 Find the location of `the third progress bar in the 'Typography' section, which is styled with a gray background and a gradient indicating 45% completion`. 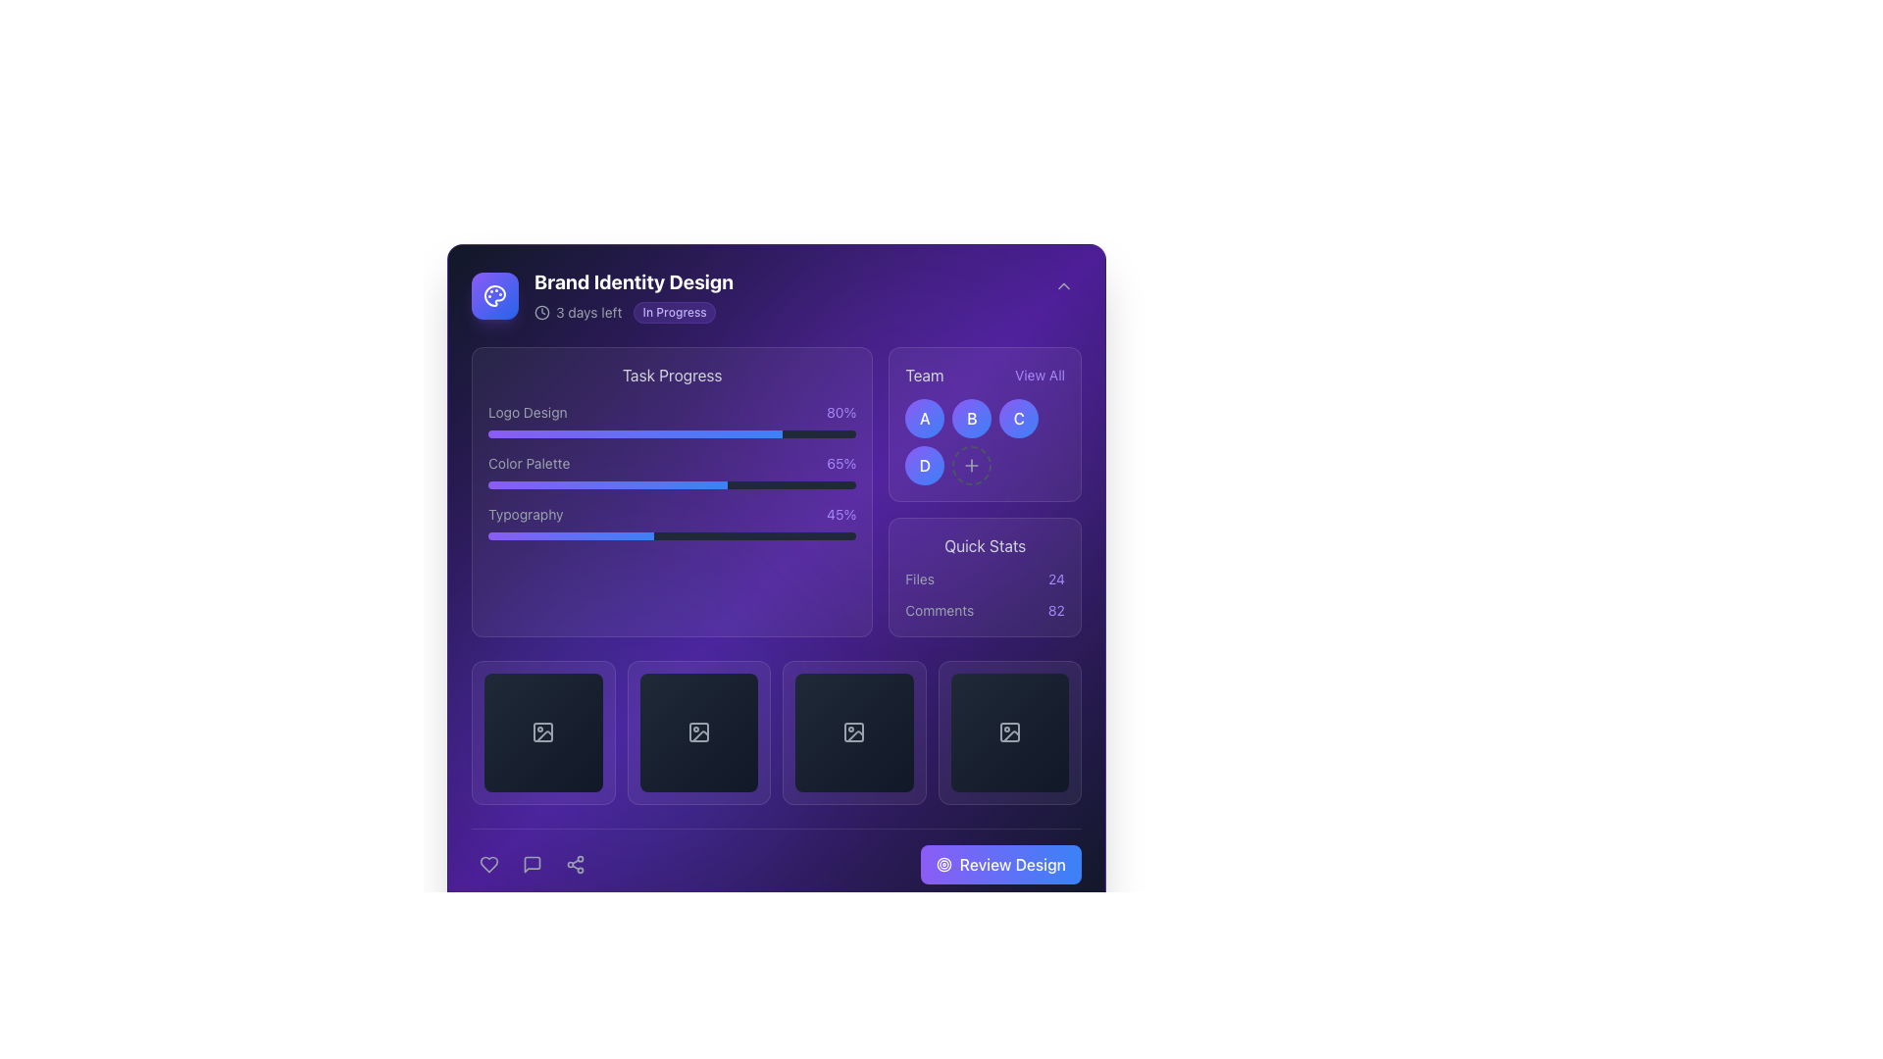

the third progress bar in the 'Typography' section, which is styled with a gray background and a gradient indicating 45% completion is located at coordinates (672, 536).